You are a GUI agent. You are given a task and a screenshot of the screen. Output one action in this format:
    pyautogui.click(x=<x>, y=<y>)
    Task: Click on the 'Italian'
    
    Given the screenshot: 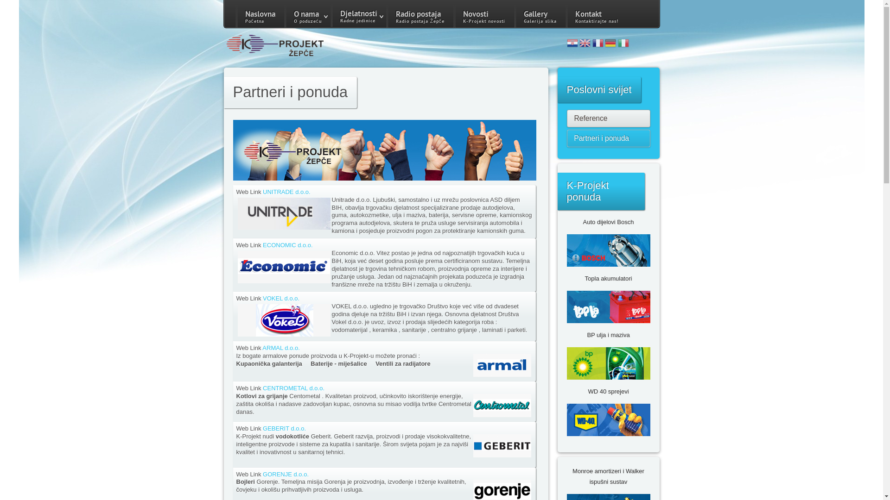 What is the action you would take?
    pyautogui.click(x=623, y=44)
    